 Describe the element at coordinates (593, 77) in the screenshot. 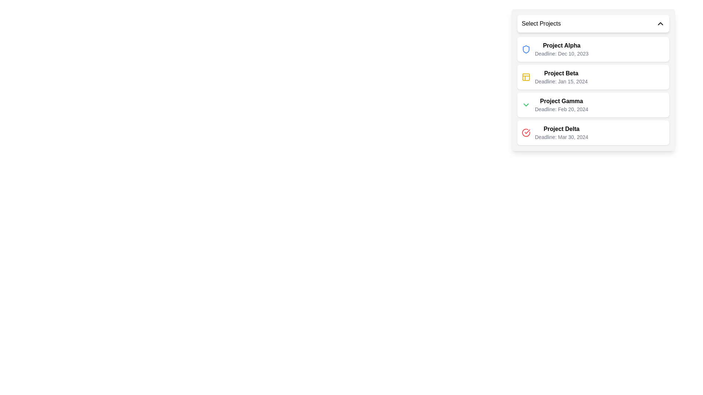

I see `the list item representing 'Project Beta'` at that location.